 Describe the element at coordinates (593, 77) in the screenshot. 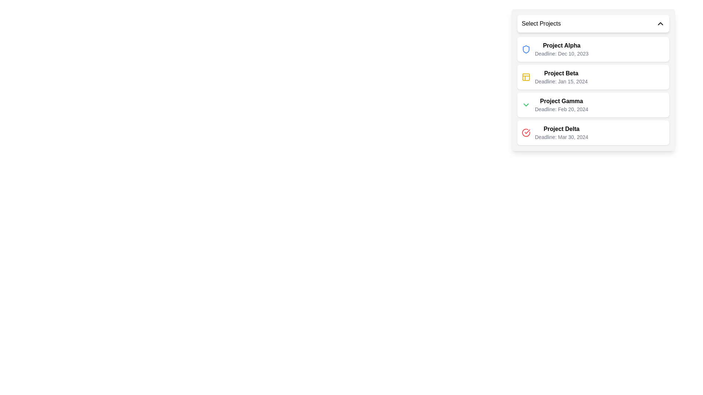

I see `the list item representing 'Project Beta'` at that location.